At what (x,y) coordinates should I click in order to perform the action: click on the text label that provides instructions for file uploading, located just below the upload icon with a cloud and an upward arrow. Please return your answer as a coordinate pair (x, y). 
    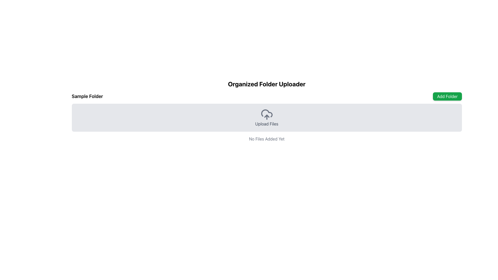
    Looking at the image, I should click on (267, 124).